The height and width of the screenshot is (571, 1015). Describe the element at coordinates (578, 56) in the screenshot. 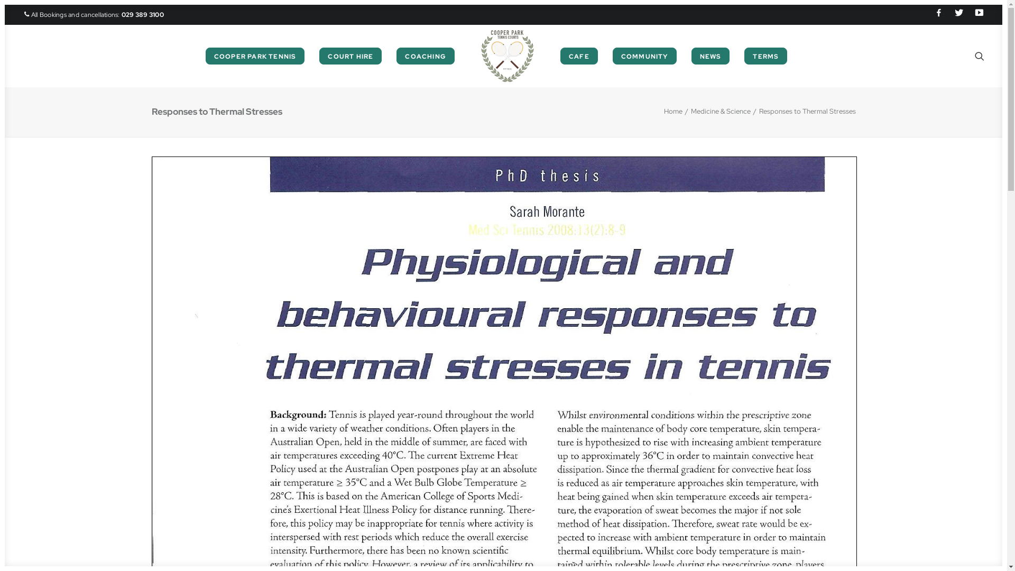

I see `'CAFE'` at that location.